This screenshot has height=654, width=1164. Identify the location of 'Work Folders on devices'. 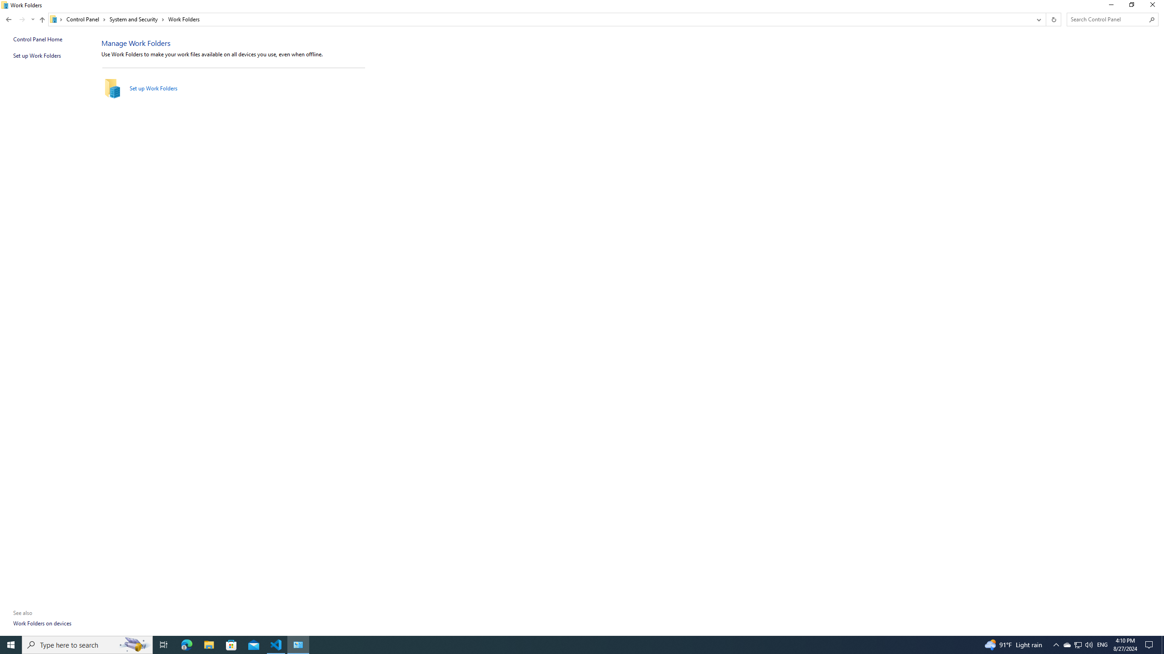
(42, 623).